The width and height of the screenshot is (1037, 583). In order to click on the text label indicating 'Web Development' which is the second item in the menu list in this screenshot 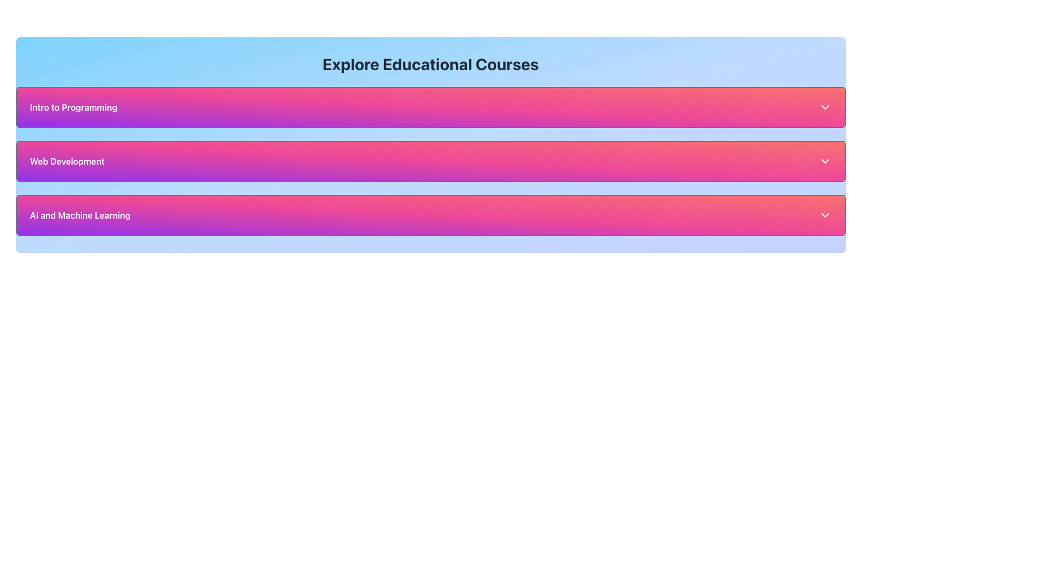, I will do `click(66, 161)`.